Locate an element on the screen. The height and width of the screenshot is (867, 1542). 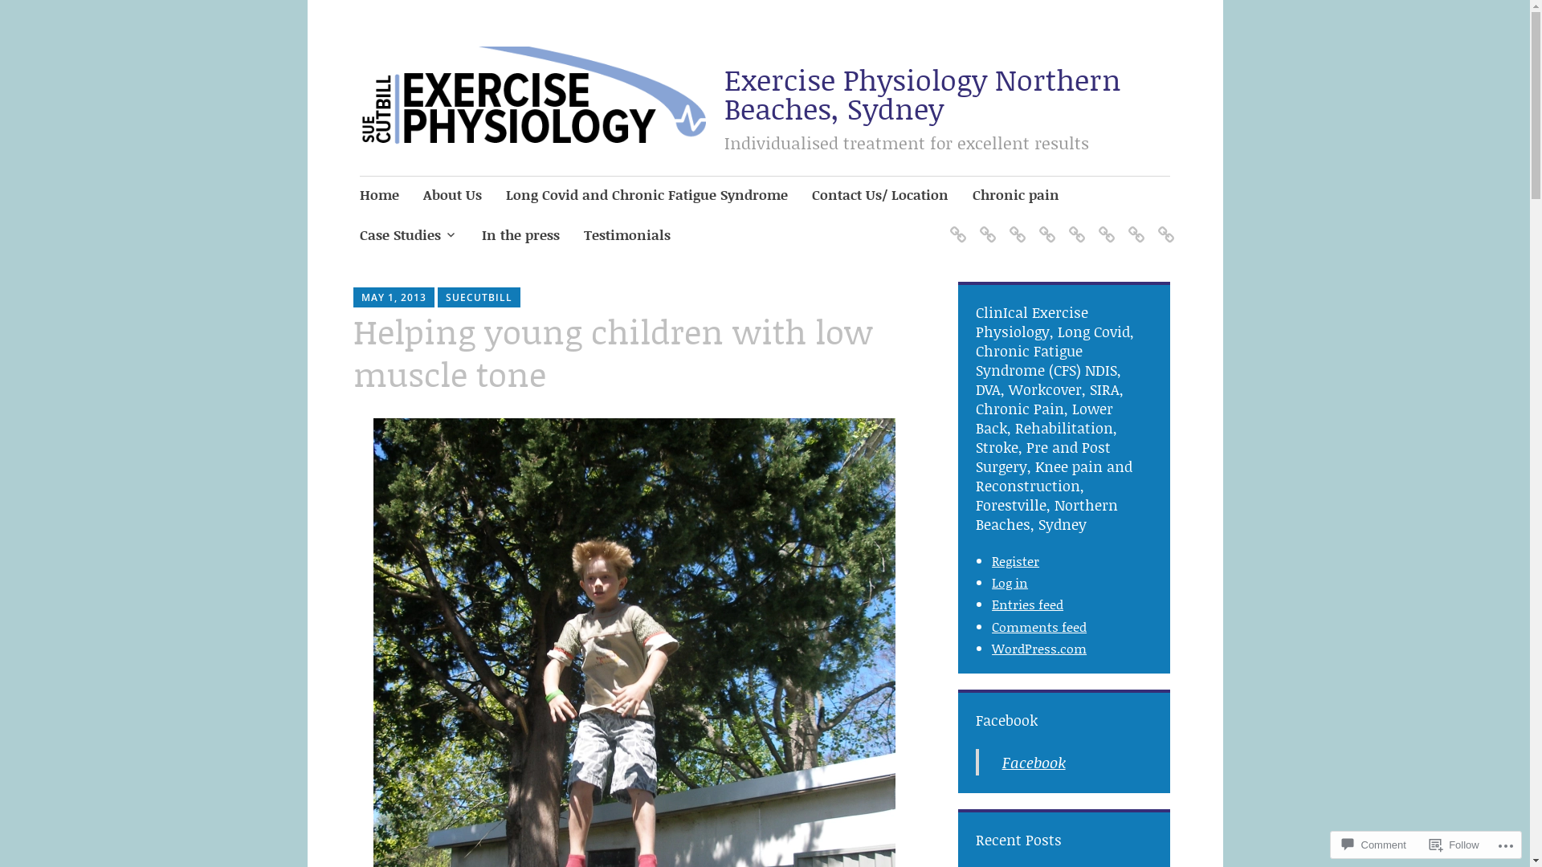
'Register' is located at coordinates (1014, 560).